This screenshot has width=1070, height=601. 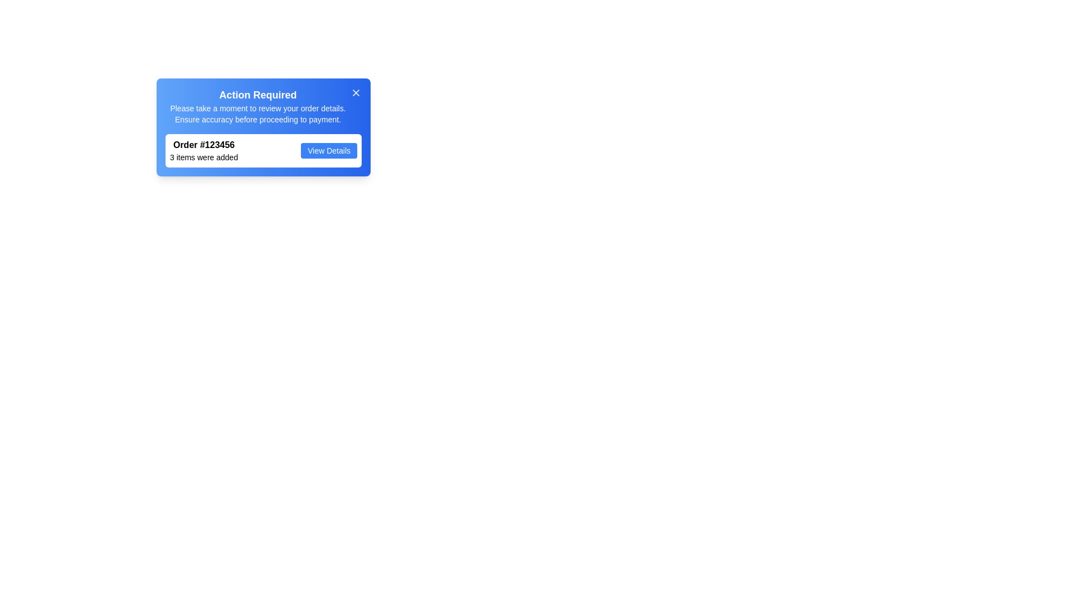 I want to click on the rectangular button with a blue background and white text labeled 'View Details' to trigger a visual state change, so click(x=328, y=150).